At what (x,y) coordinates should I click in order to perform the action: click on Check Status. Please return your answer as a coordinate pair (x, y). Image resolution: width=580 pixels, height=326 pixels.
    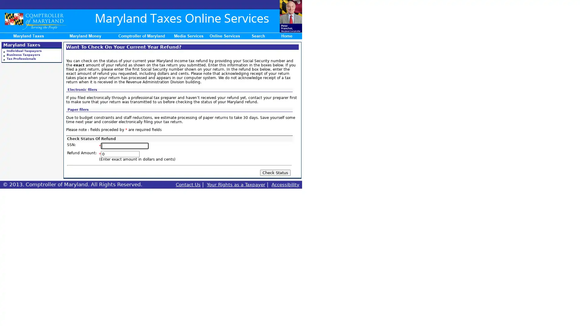
    Looking at the image, I should click on (275, 173).